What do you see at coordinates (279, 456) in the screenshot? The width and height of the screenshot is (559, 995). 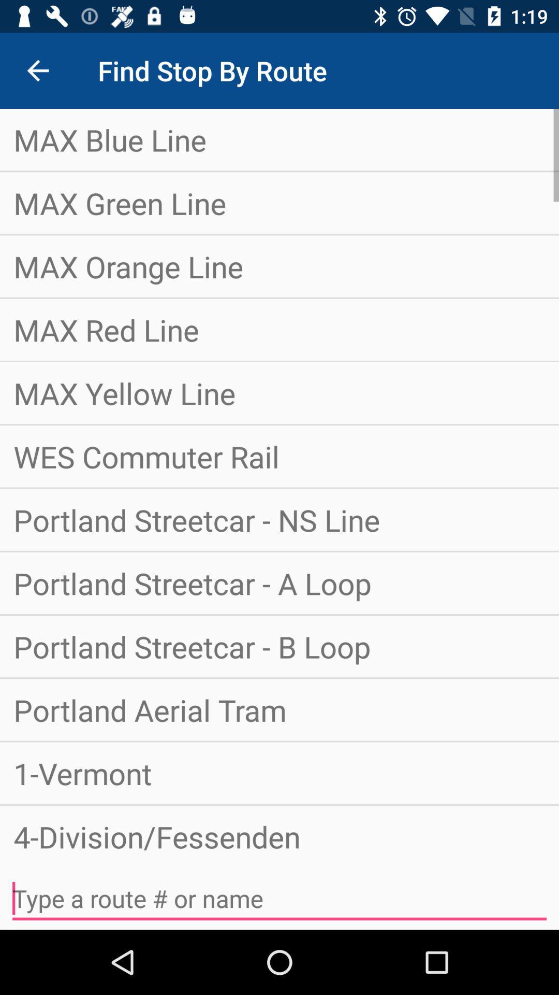 I see `item below max yellow line item` at bounding box center [279, 456].